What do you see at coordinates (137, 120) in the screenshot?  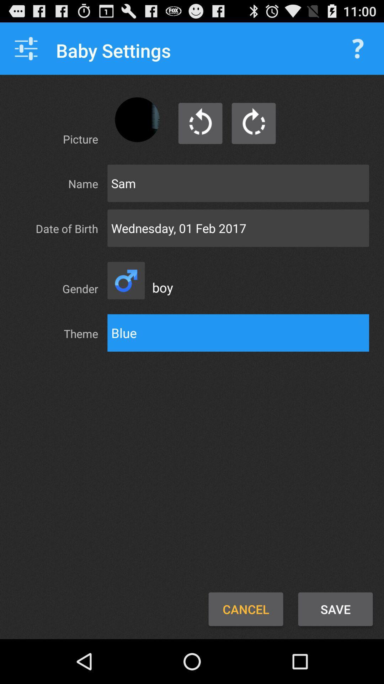 I see `picture` at bounding box center [137, 120].